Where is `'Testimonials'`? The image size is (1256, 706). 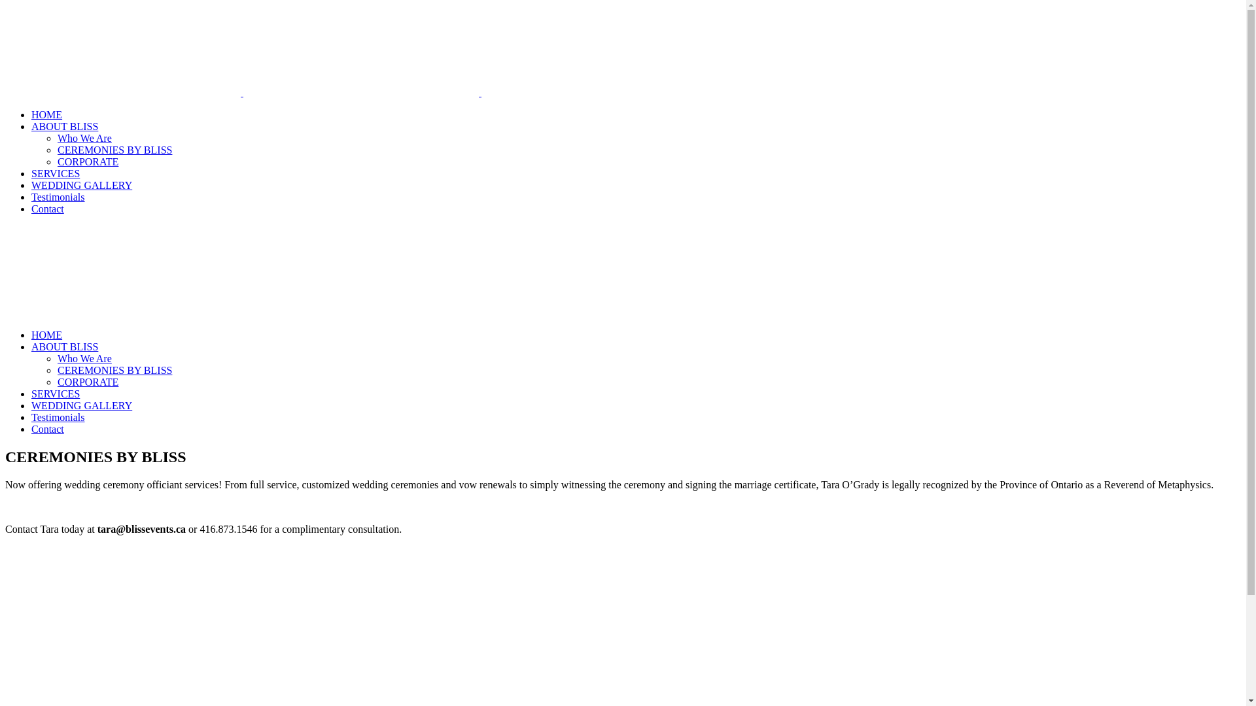 'Testimonials' is located at coordinates (31, 197).